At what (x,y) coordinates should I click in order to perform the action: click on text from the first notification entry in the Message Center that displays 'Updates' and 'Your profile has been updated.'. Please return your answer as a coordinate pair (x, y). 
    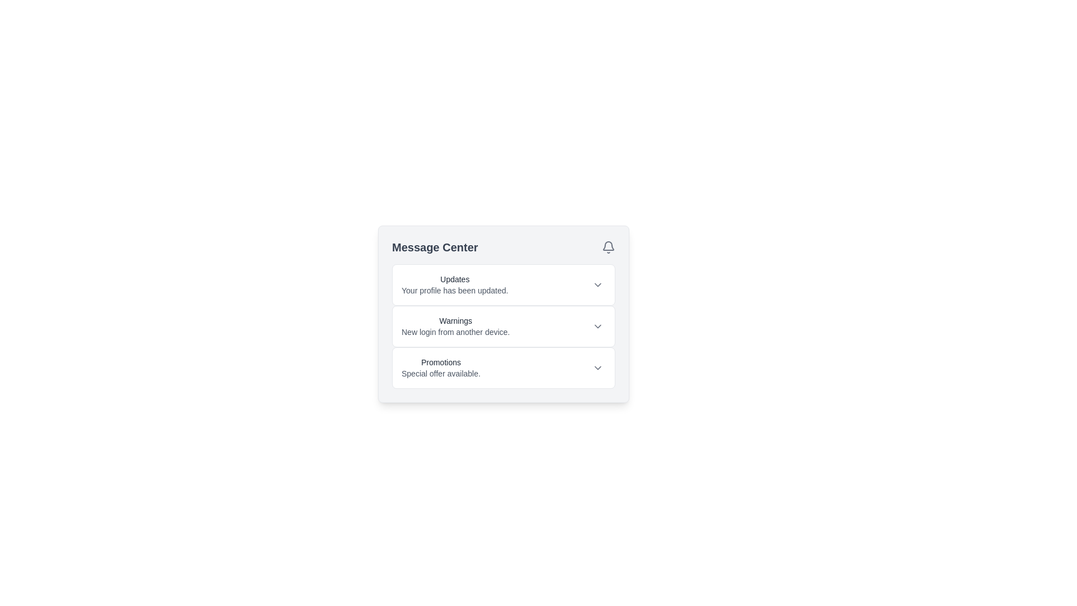
    Looking at the image, I should click on (455, 284).